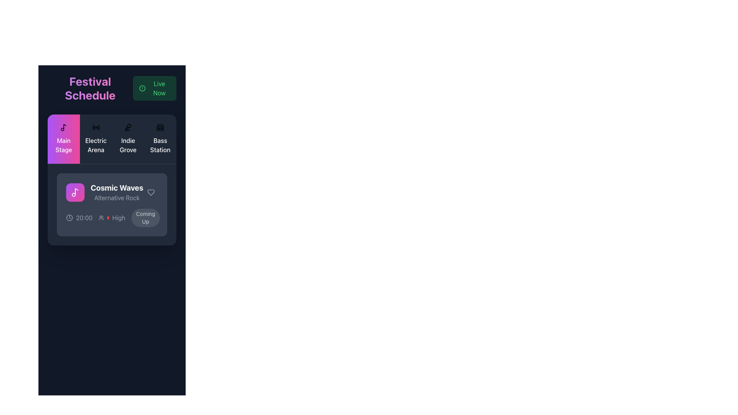 The width and height of the screenshot is (738, 415). I want to click on the center of the icon representing the radio feature for the 'Electric Arena' section, so click(95, 127).